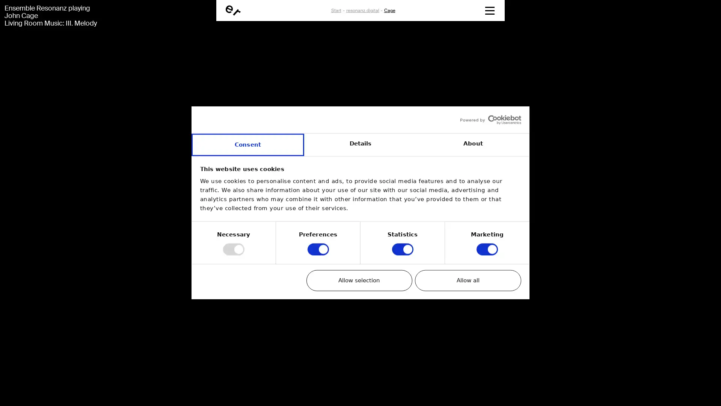  I want to click on Allow all, so click(468, 280).